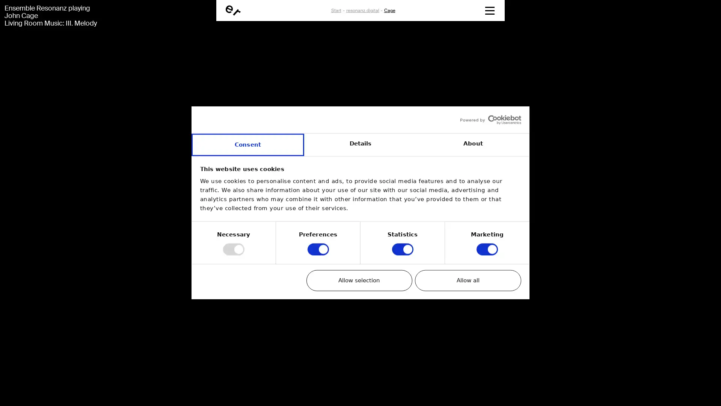  I want to click on Allow all, so click(468, 280).